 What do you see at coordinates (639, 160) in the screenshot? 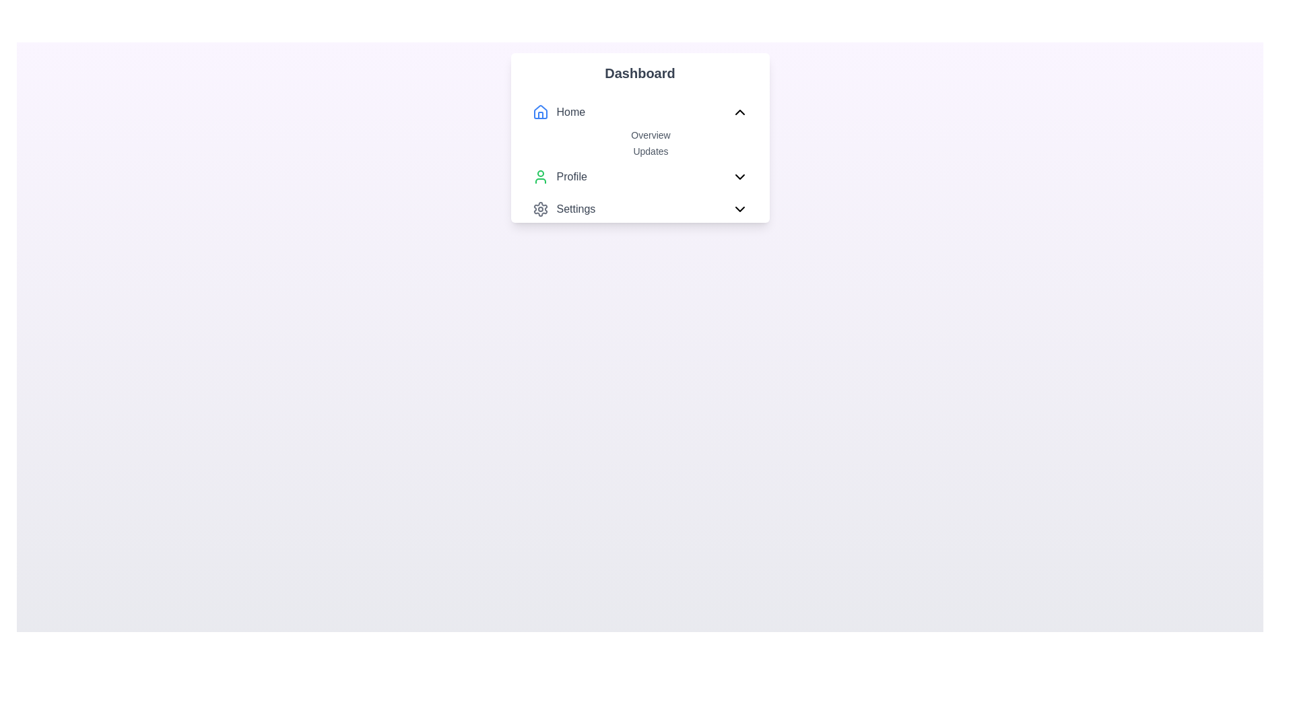
I see `the collapsible navigation menu` at bounding box center [639, 160].